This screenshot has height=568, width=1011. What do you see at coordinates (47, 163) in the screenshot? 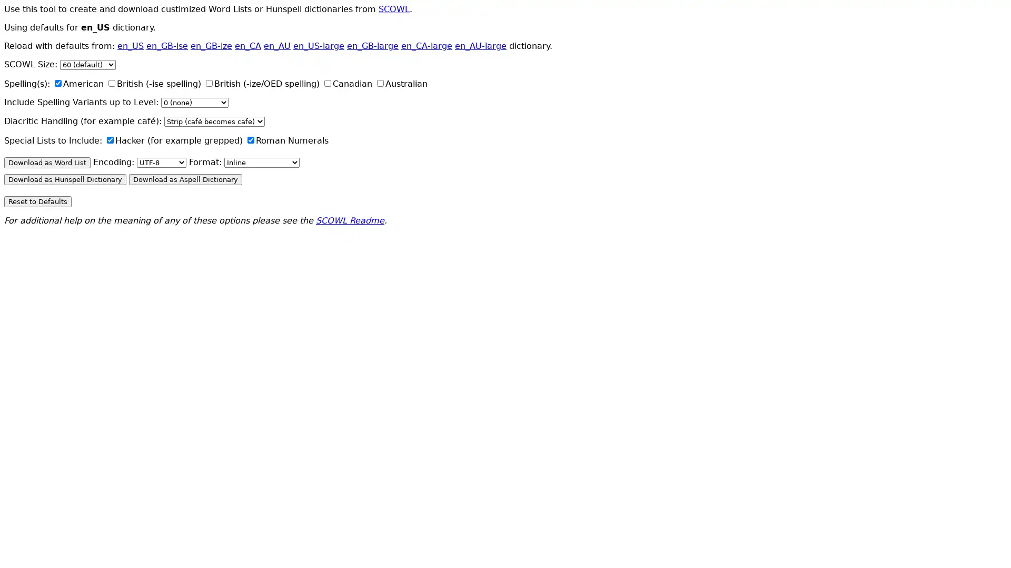
I see `Download as Word List` at bounding box center [47, 163].